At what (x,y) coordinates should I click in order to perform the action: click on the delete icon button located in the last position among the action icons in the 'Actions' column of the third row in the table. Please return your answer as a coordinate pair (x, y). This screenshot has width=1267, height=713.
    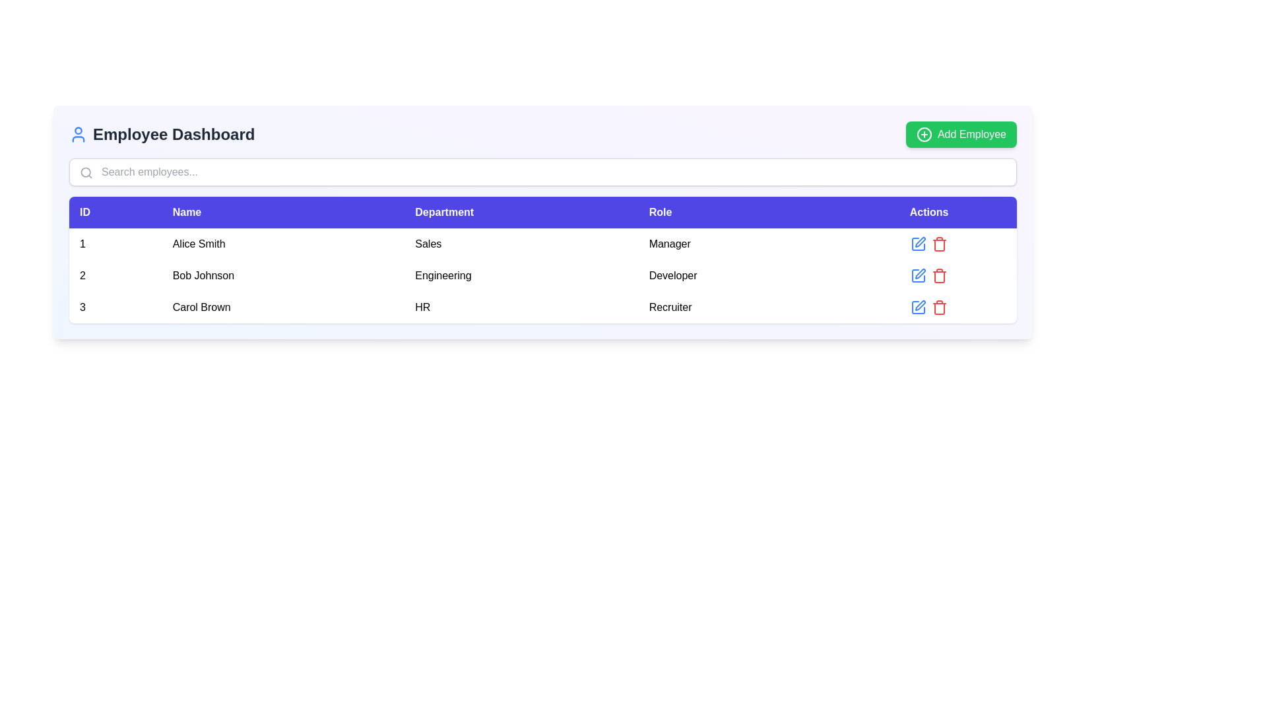
    Looking at the image, I should click on (939, 275).